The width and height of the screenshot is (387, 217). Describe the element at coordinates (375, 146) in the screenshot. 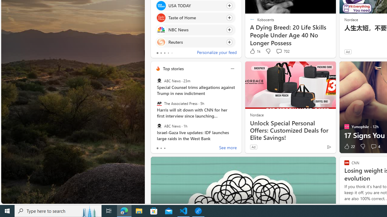

I see `'View comments 4 Comment'` at that location.